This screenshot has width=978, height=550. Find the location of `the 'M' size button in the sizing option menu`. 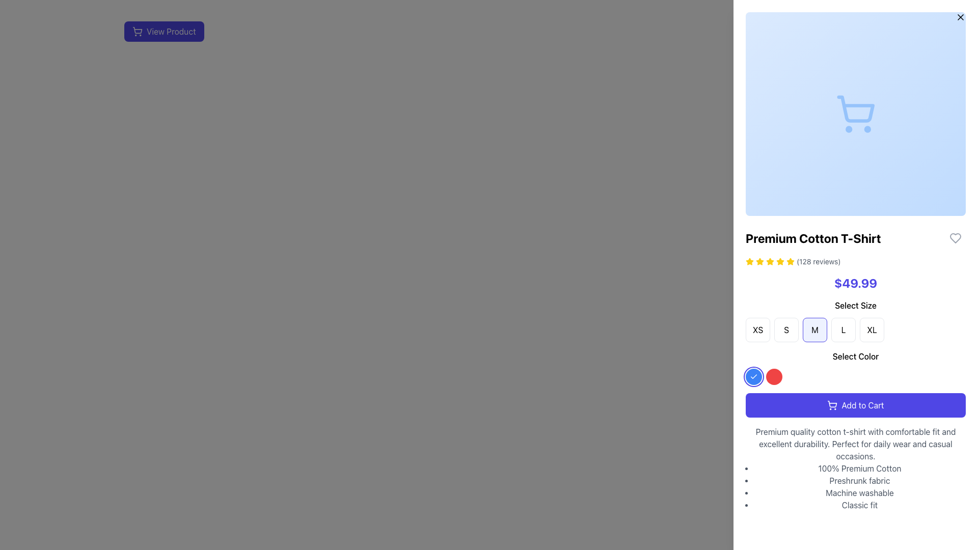

the 'M' size button in the sizing option menu is located at coordinates (814, 330).